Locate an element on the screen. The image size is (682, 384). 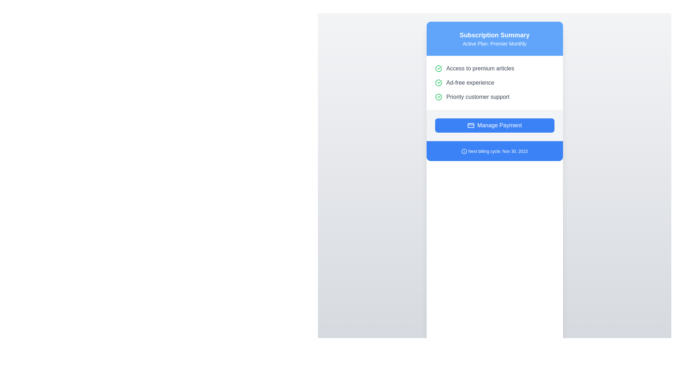
the icon indicating 'Priority customer support' feature in the subscription summary card, located to the left of the associated text is located at coordinates (438, 97).